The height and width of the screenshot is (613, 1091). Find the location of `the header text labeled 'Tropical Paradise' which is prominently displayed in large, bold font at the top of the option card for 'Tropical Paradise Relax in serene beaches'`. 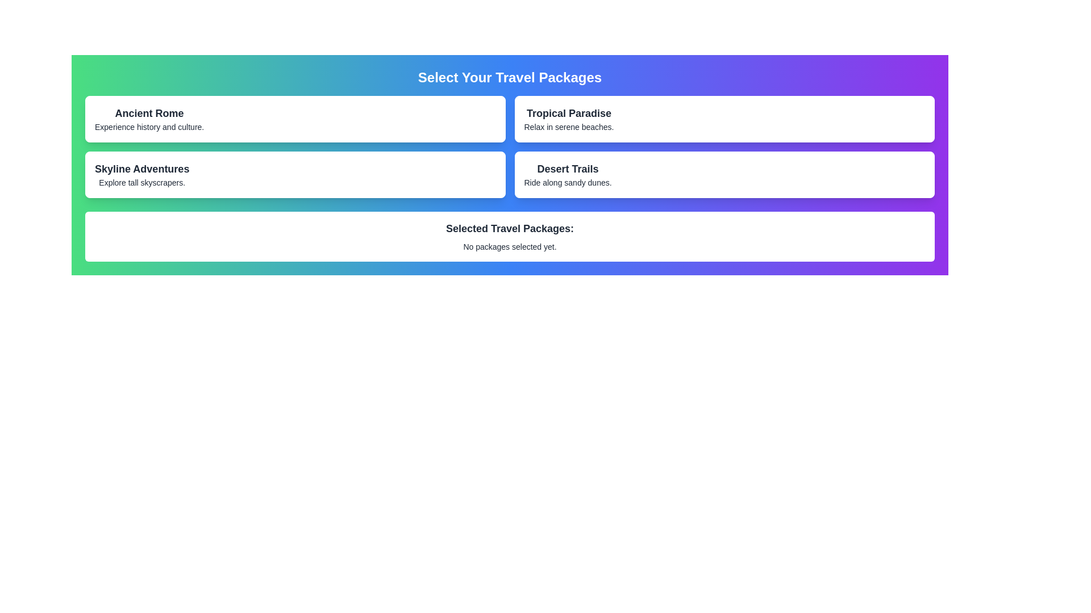

the header text labeled 'Tropical Paradise' which is prominently displayed in large, bold font at the top of the option card for 'Tropical Paradise Relax in serene beaches' is located at coordinates (569, 114).